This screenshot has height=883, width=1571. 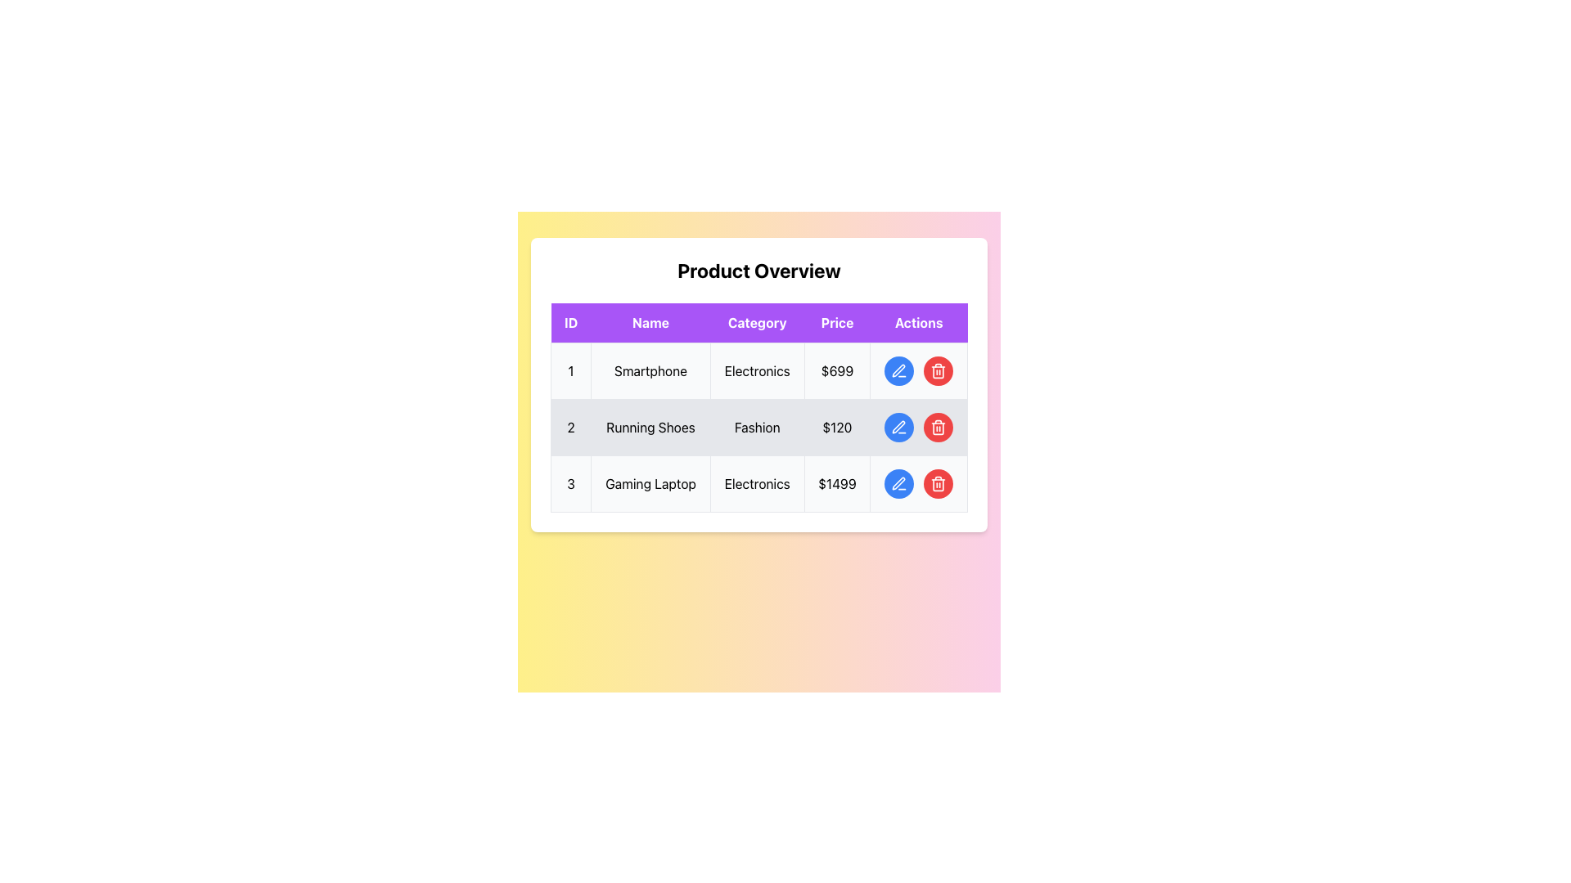 I want to click on the purple header row of the table containing the labels 'ID', 'Name', 'Category', 'Price', and 'Actions' to interact with any content under the header, so click(x=758, y=322).